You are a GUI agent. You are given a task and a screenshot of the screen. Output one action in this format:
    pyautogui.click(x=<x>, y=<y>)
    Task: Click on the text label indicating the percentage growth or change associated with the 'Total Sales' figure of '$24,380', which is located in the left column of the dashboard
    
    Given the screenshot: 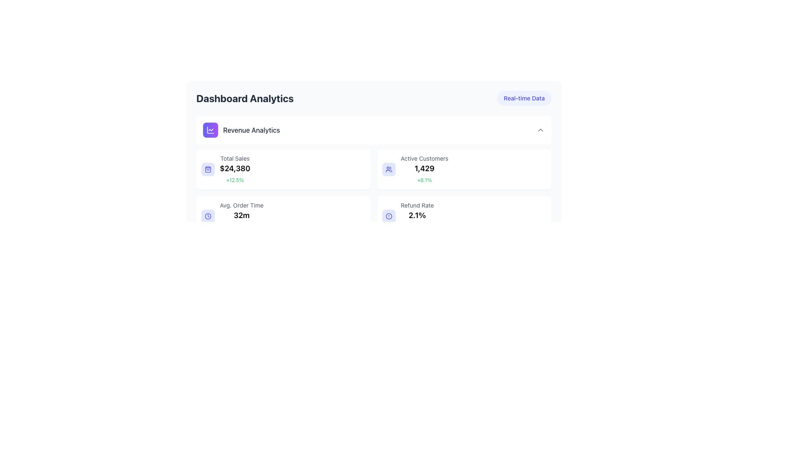 What is the action you would take?
    pyautogui.click(x=234, y=180)
    